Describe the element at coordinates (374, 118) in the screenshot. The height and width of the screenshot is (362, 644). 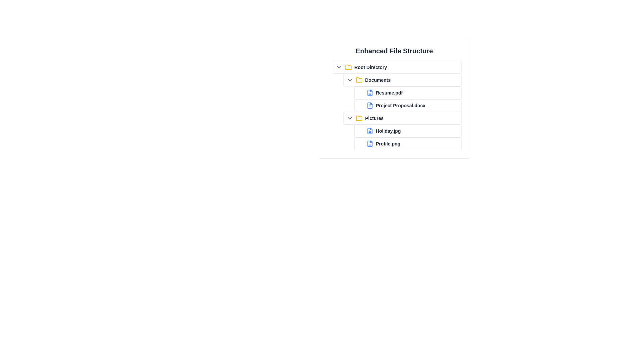
I see `the text label representing the 'Pictures' folder located beneath 'Resume.pdf' and 'Project Proposal.docx'` at that location.